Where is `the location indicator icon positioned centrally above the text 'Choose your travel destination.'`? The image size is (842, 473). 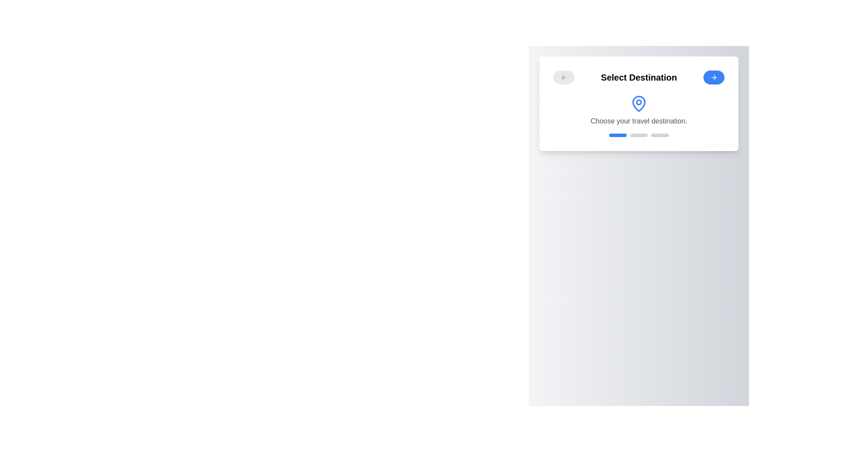 the location indicator icon positioned centrally above the text 'Choose your travel destination.' is located at coordinates (639, 103).